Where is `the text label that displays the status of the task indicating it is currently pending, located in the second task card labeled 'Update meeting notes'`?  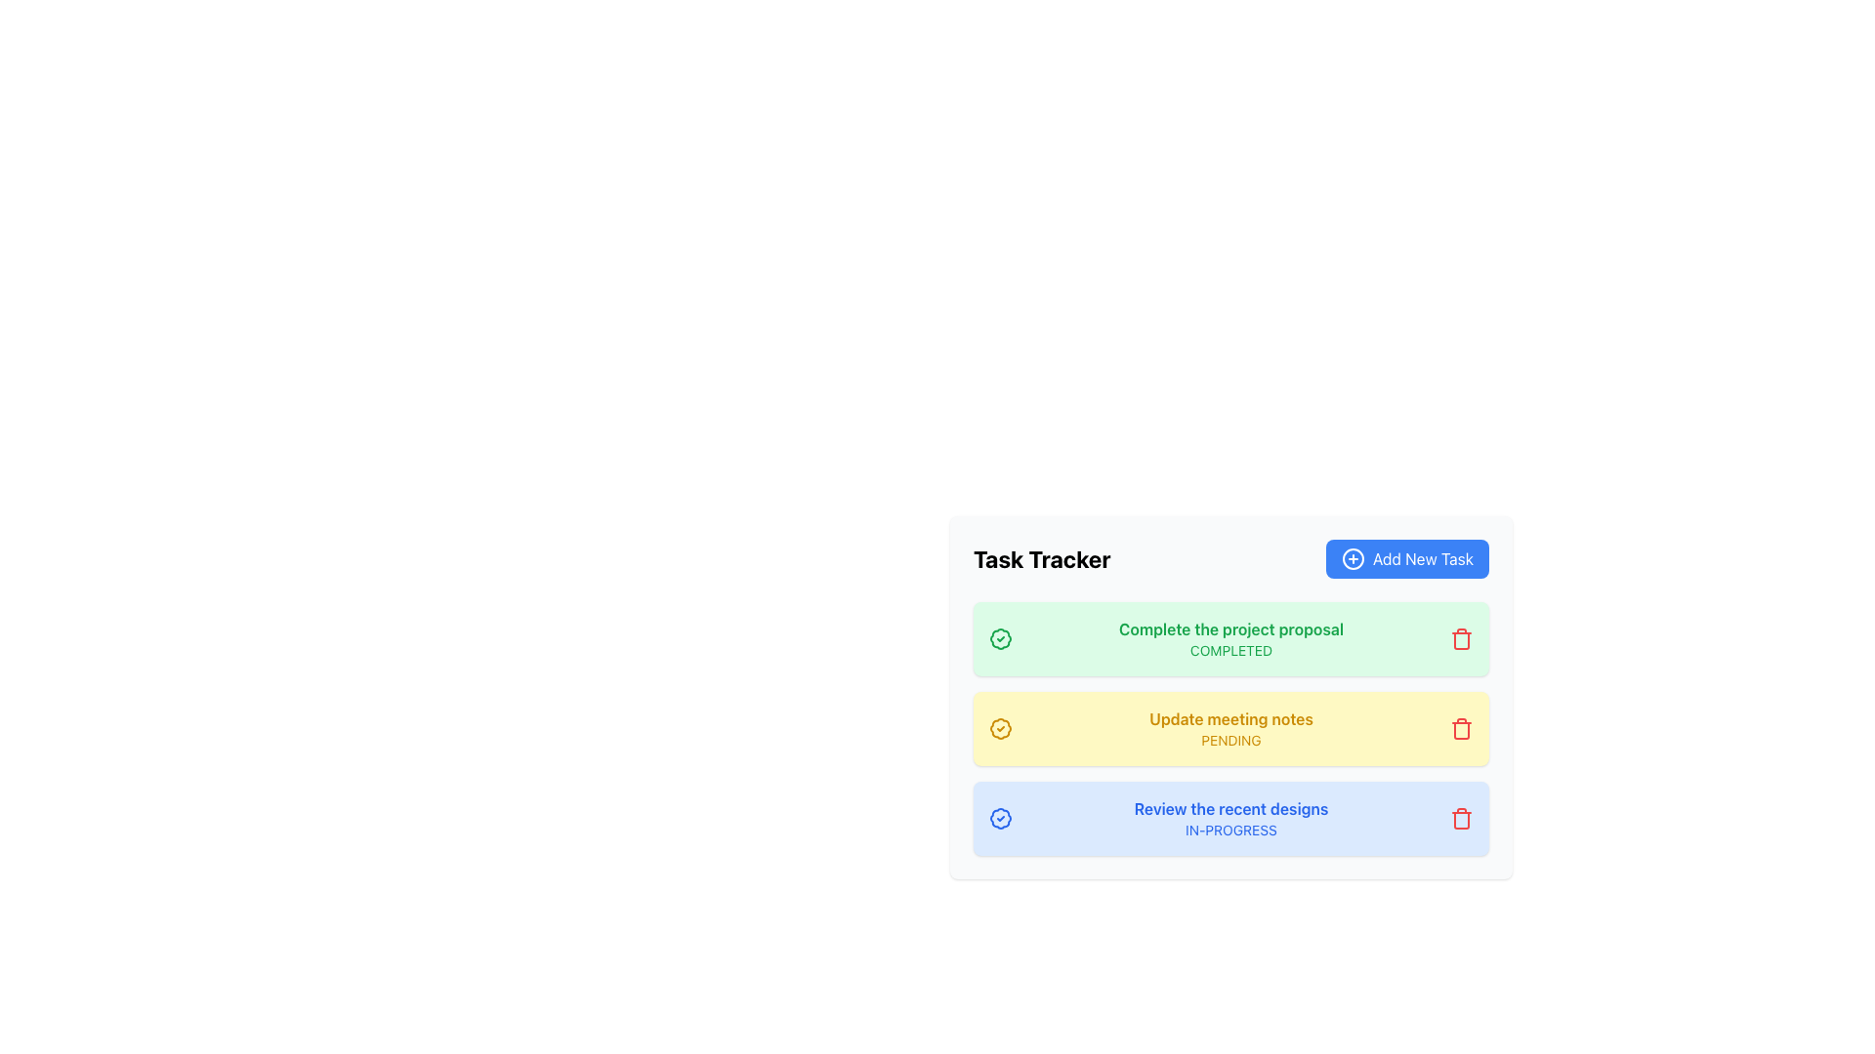
the text label that displays the status of the task indicating it is currently pending, located in the second task card labeled 'Update meeting notes' is located at coordinates (1230, 741).